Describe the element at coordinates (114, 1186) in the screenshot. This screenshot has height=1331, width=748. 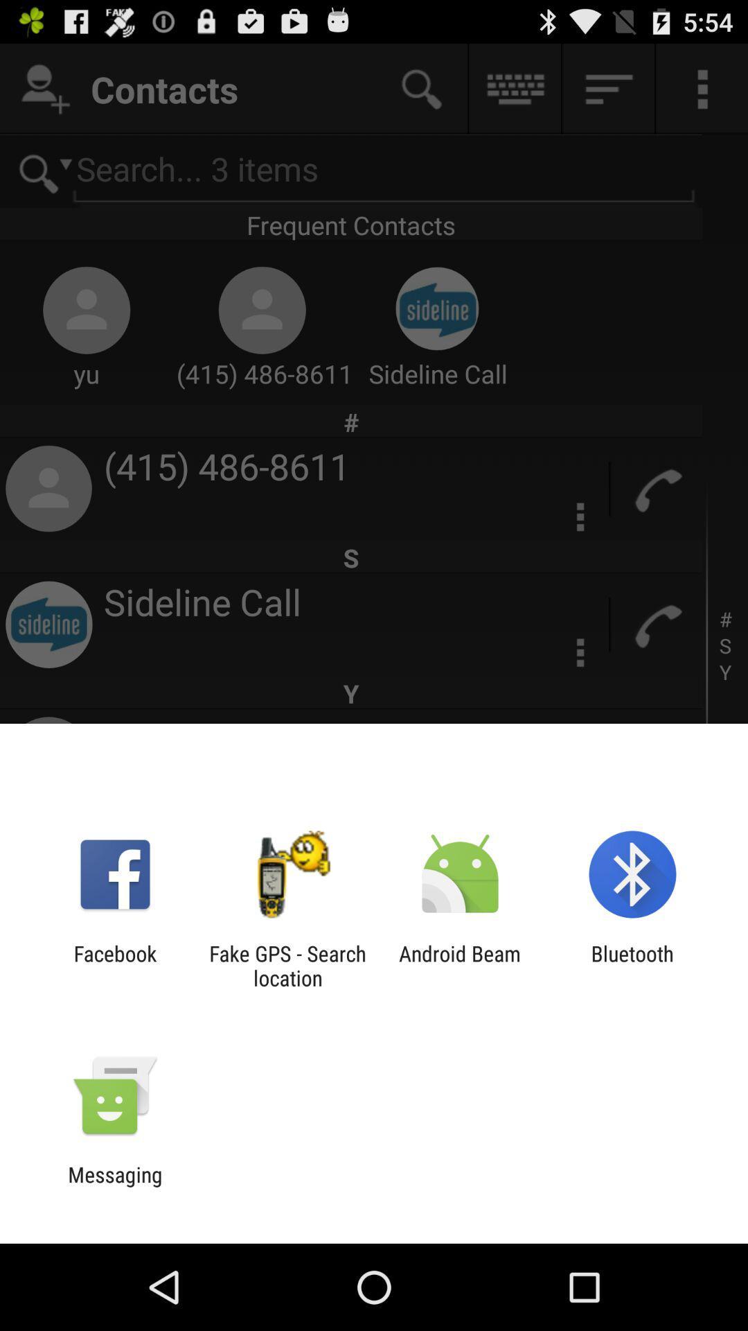
I see `the messaging icon` at that location.